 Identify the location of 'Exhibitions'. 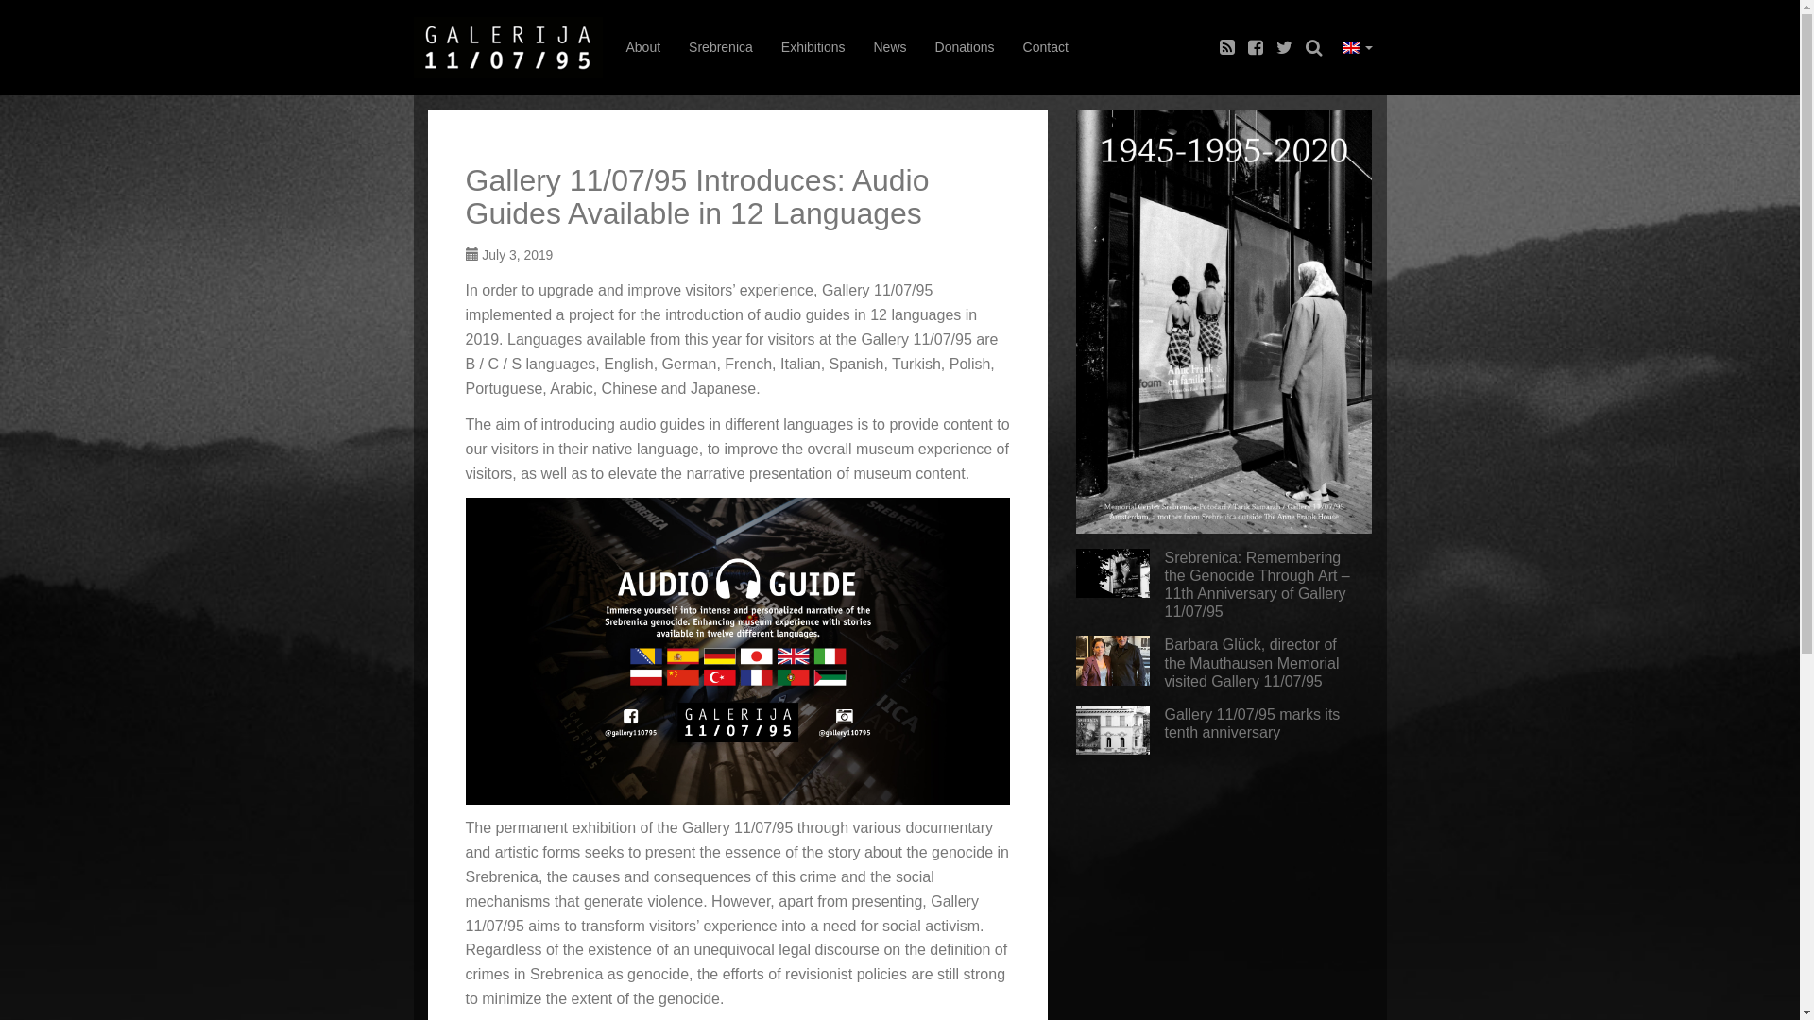
(813, 46).